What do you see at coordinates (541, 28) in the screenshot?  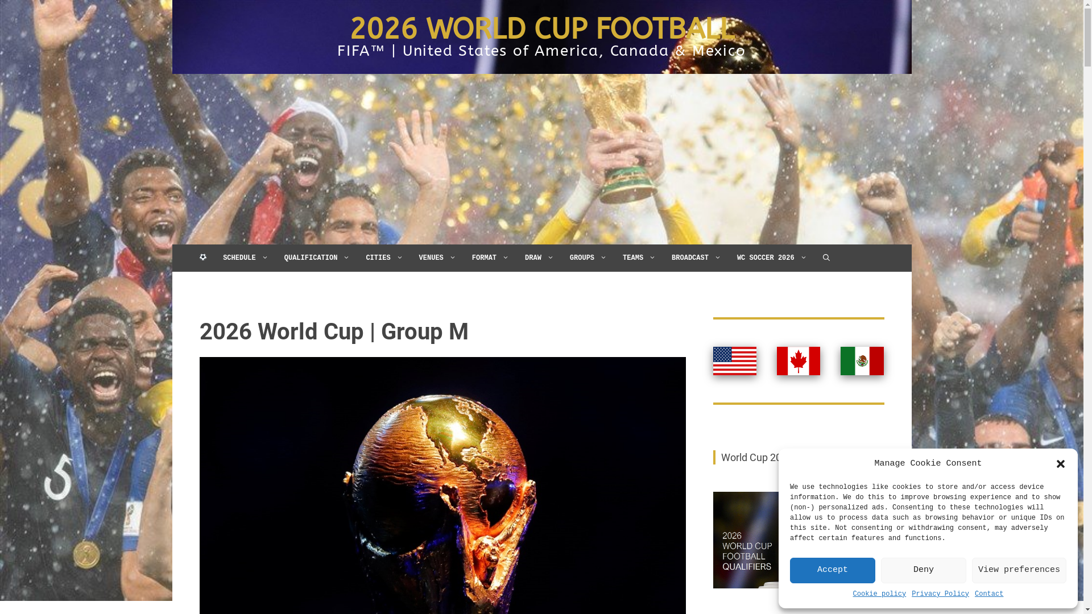 I see `'2026 WORLD CUP FOOTBALL'` at bounding box center [541, 28].